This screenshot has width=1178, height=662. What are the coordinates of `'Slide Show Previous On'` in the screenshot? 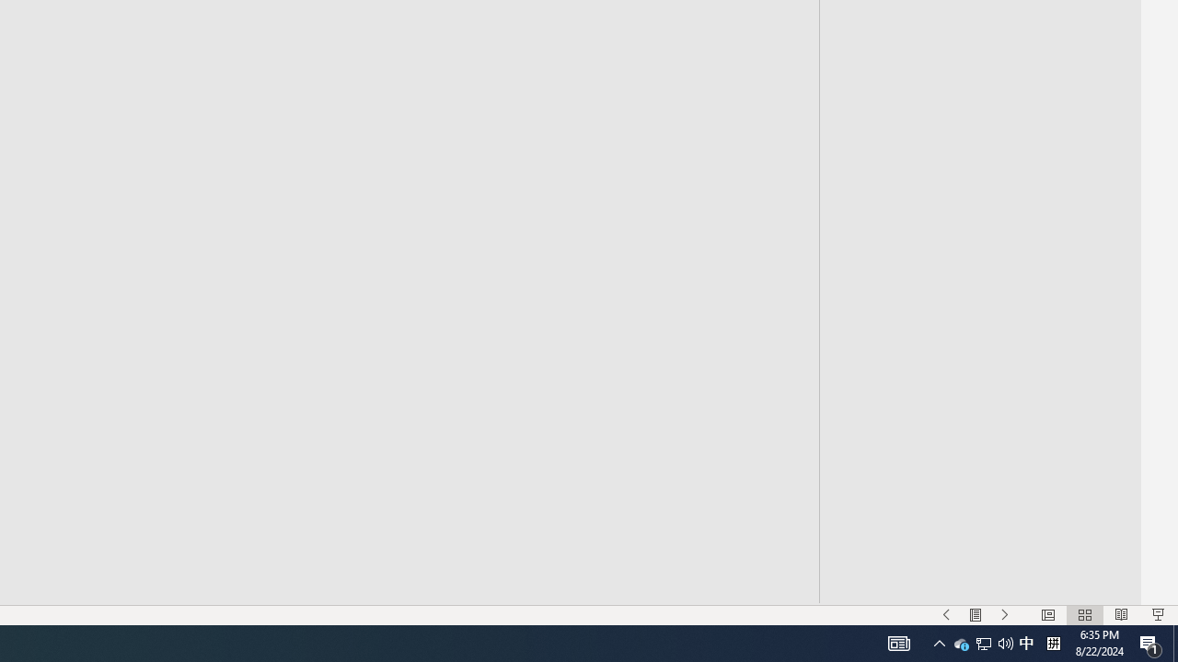 It's located at (946, 615).